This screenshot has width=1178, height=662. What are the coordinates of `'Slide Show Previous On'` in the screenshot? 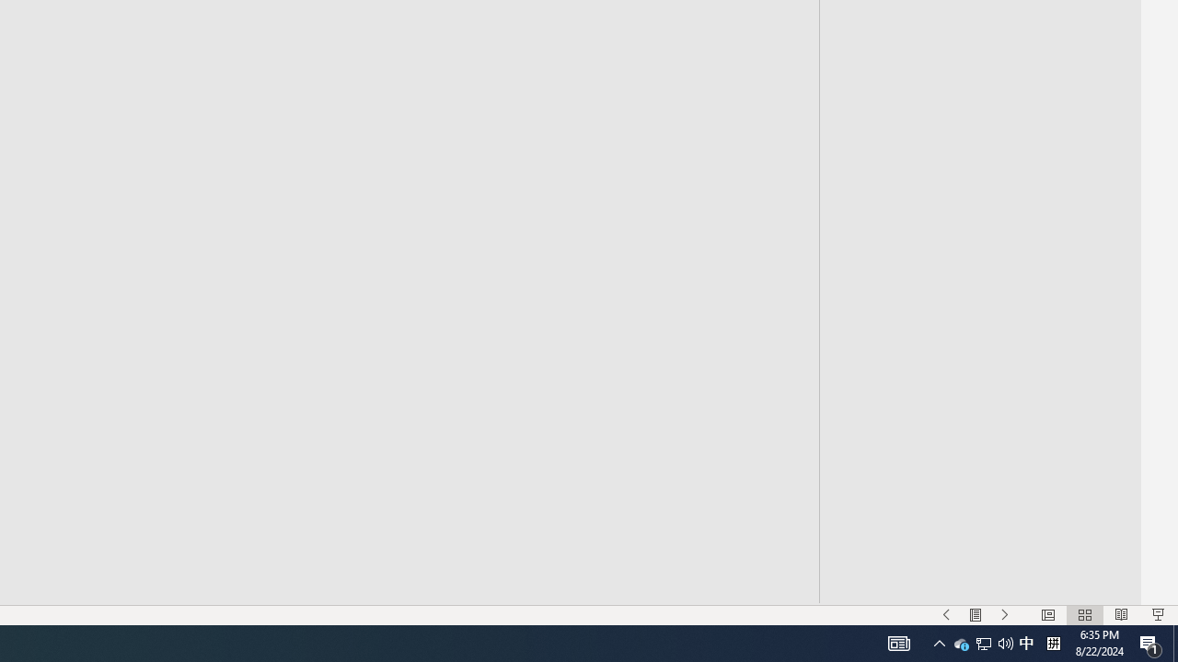 It's located at (946, 615).